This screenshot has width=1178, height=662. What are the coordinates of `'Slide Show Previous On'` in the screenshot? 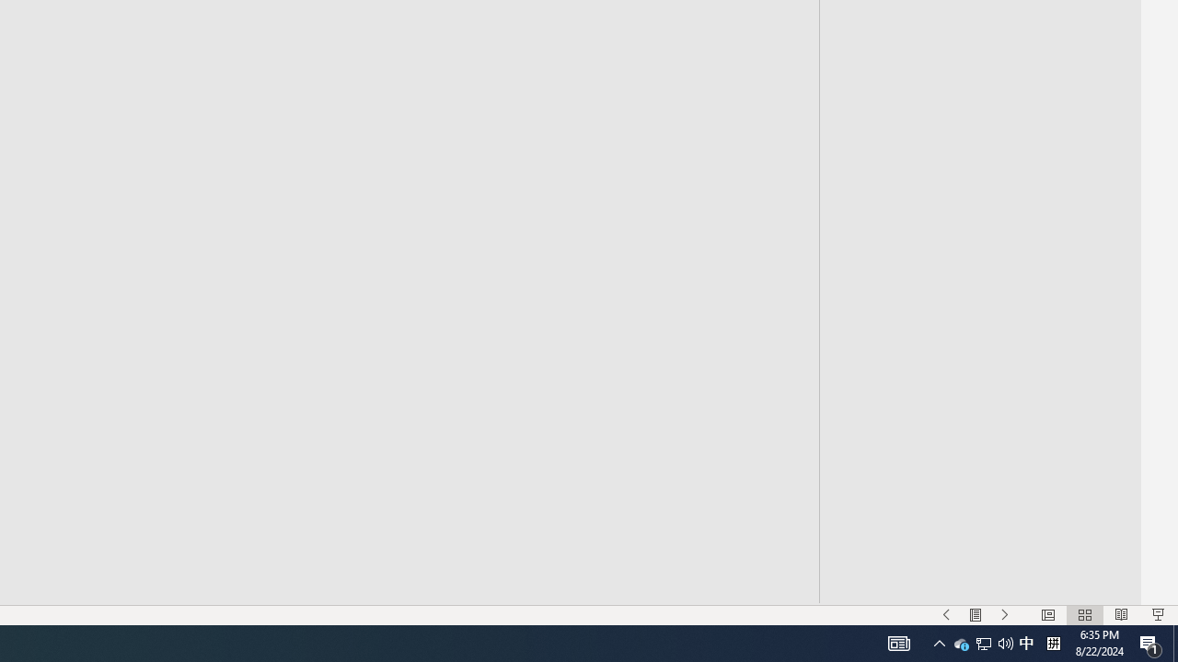 It's located at (946, 615).